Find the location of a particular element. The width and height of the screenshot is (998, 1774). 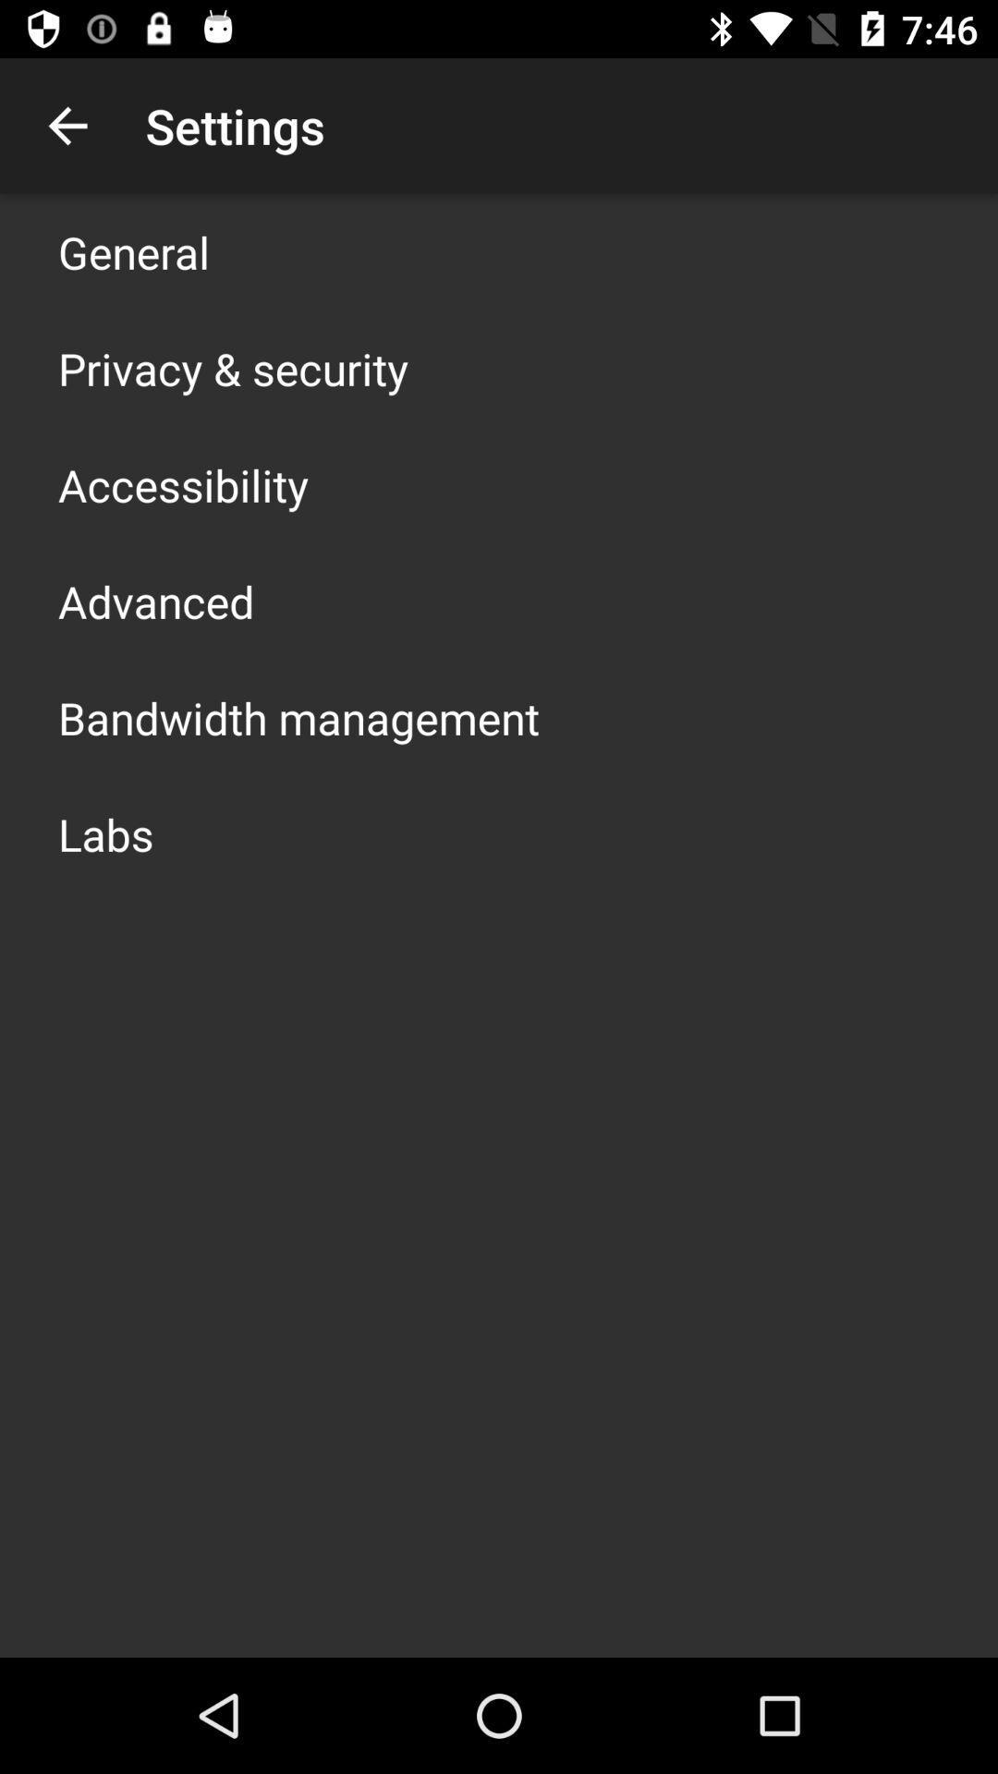

app above general app is located at coordinates (67, 125).